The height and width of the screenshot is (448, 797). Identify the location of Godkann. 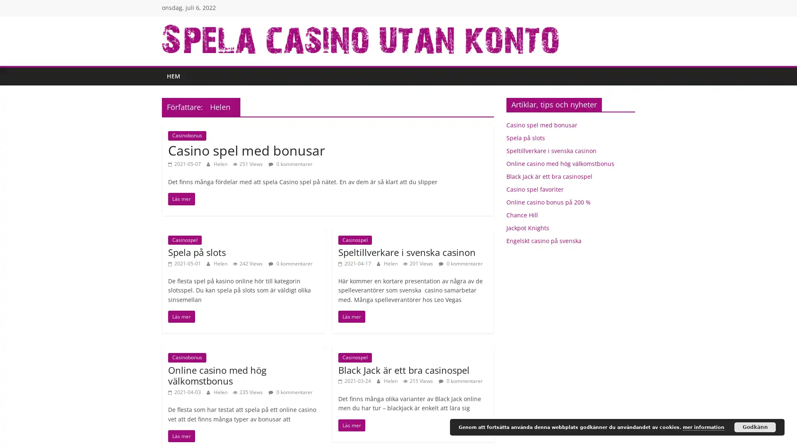
(755, 427).